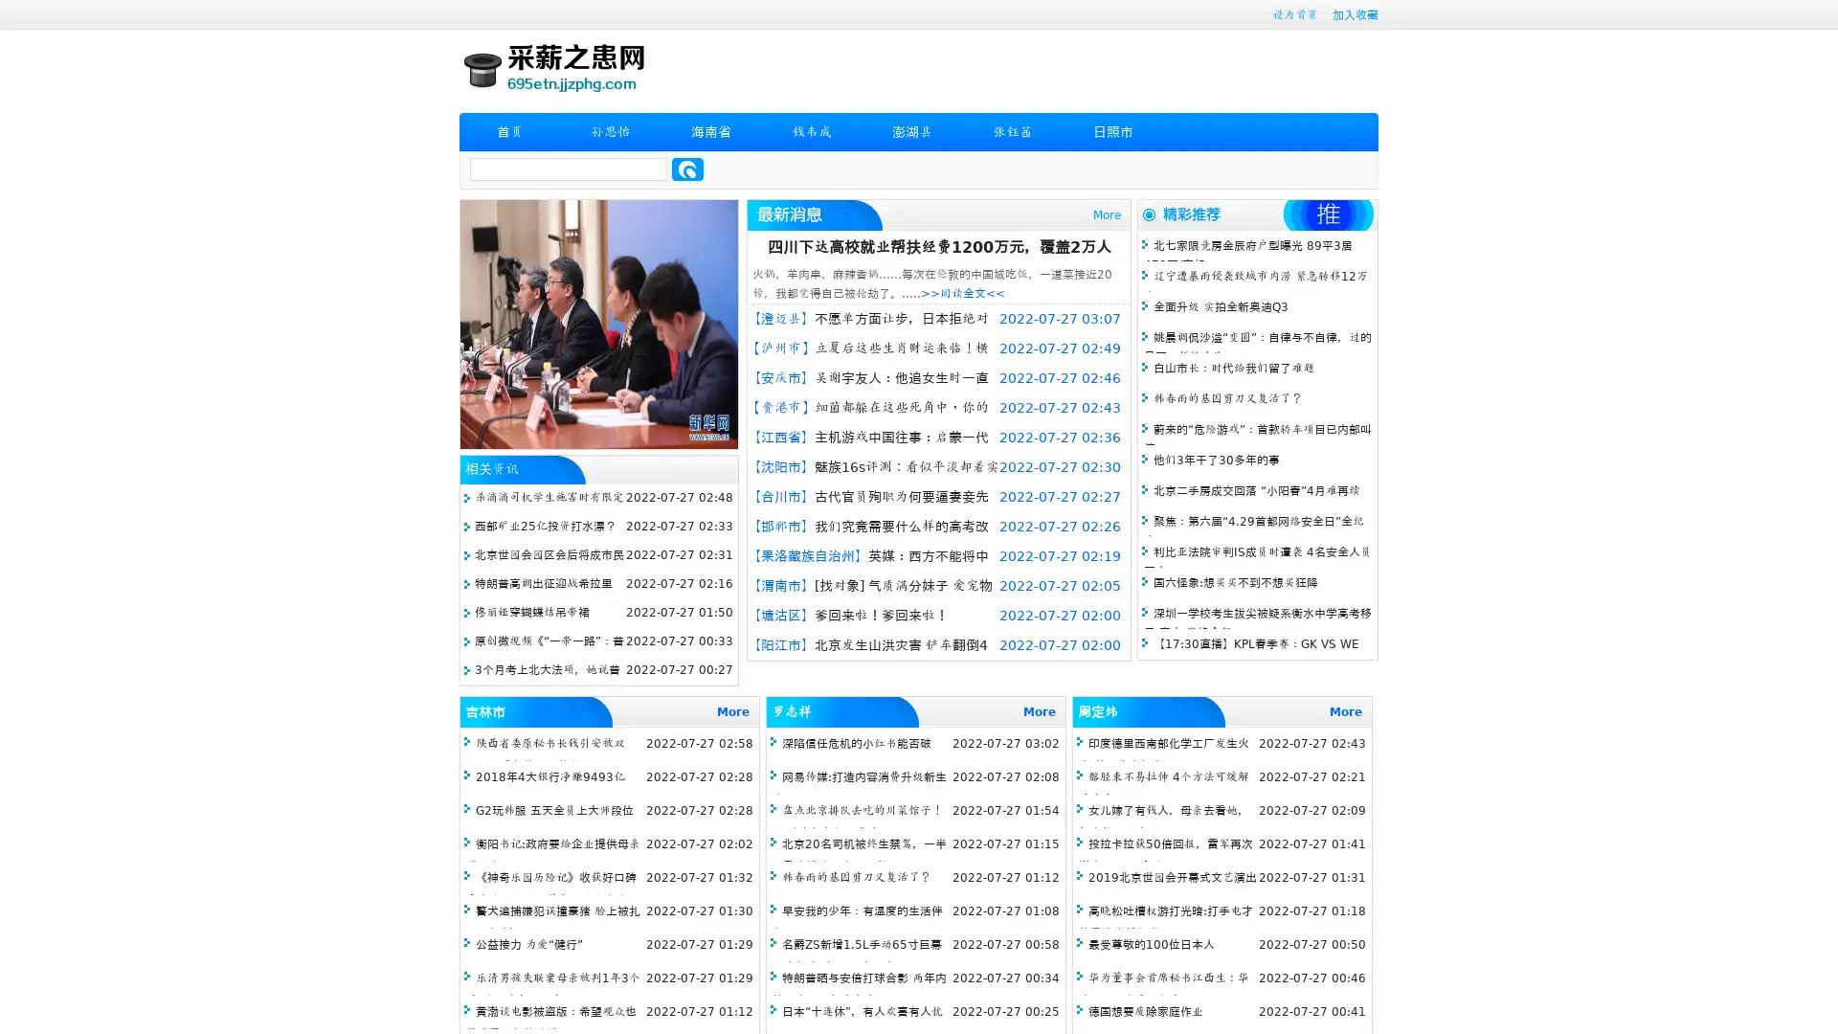 This screenshot has width=1838, height=1034. What do you see at coordinates (687, 169) in the screenshot?
I see `Search` at bounding box center [687, 169].